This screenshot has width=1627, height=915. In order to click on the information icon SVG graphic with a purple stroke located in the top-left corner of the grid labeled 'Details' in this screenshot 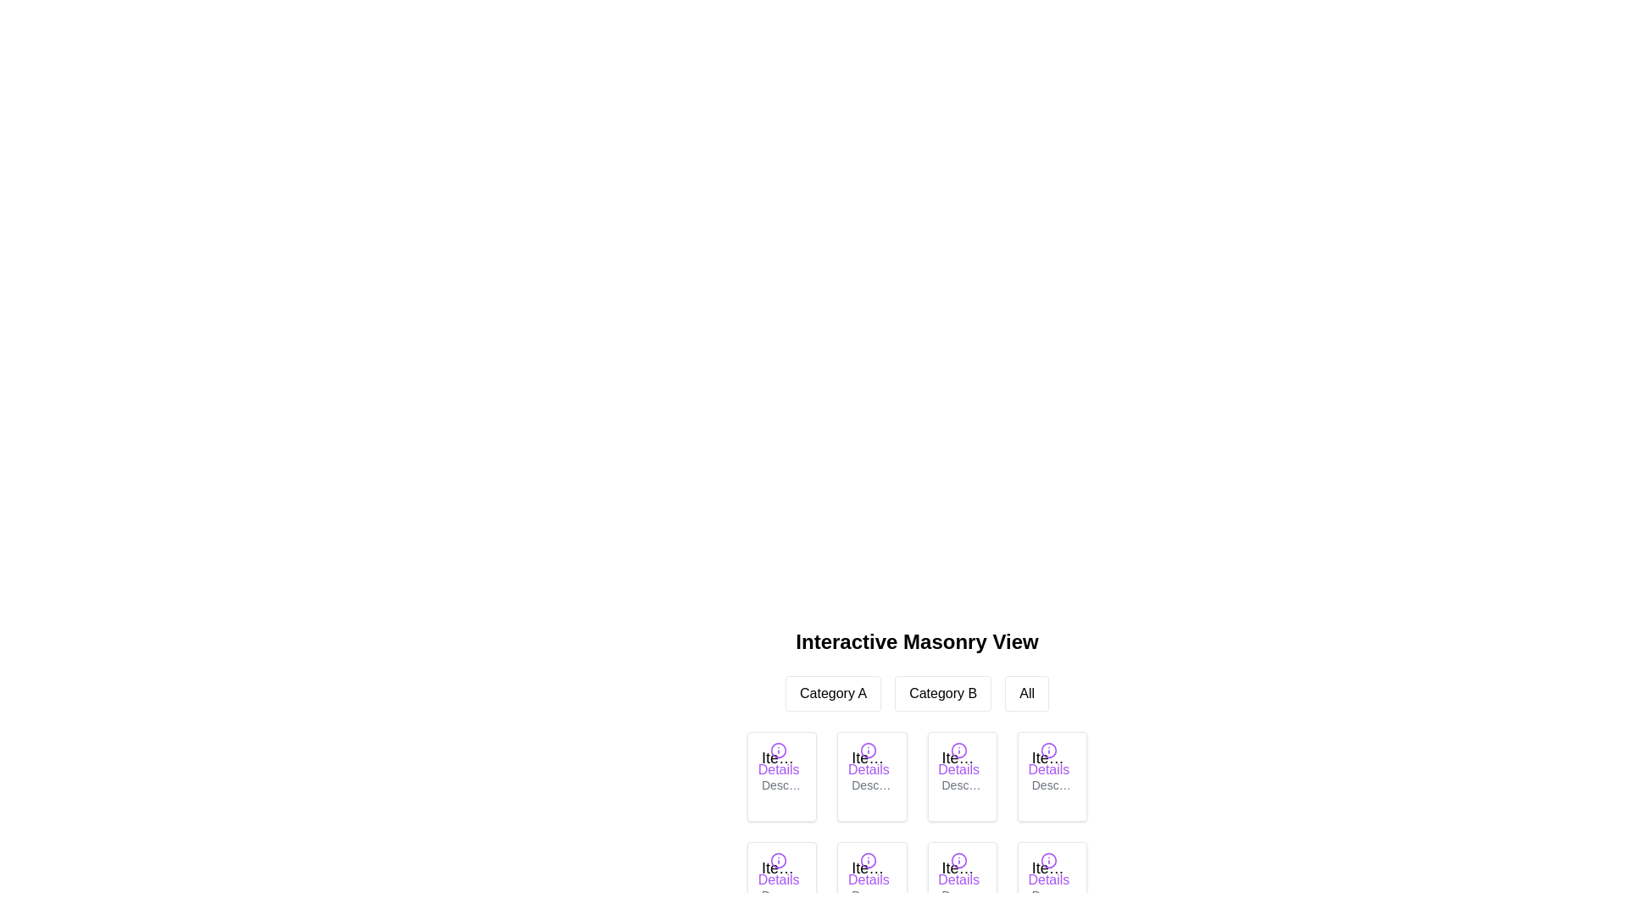, I will do `click(778, 749)`.